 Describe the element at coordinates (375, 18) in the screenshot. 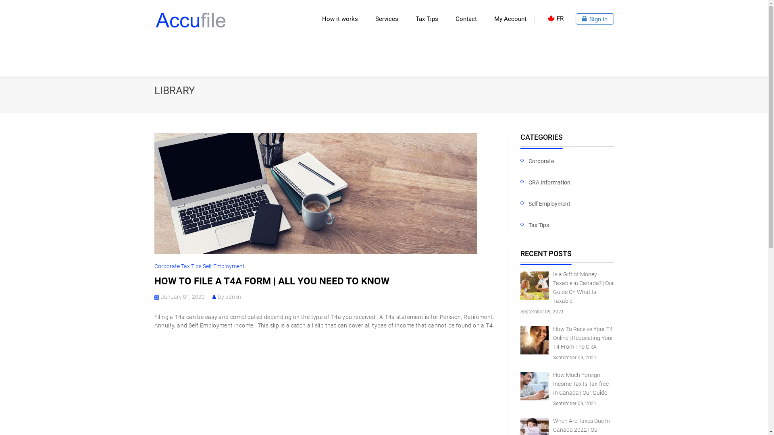

I see `'Services'` at that location.